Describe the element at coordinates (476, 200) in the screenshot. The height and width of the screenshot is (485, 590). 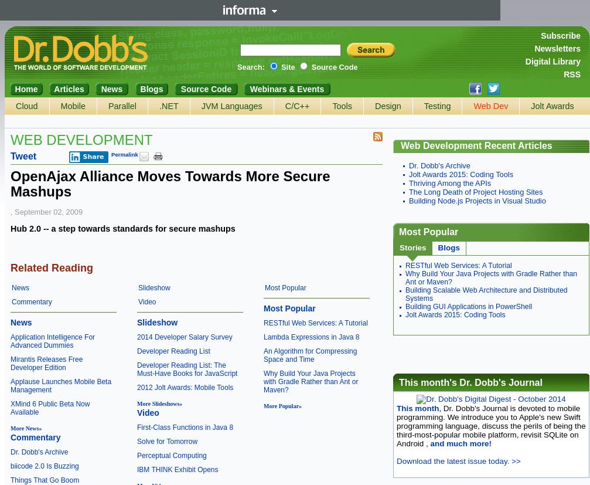
I see `'Building Node.js Projects in Visual Studio'` at that location.